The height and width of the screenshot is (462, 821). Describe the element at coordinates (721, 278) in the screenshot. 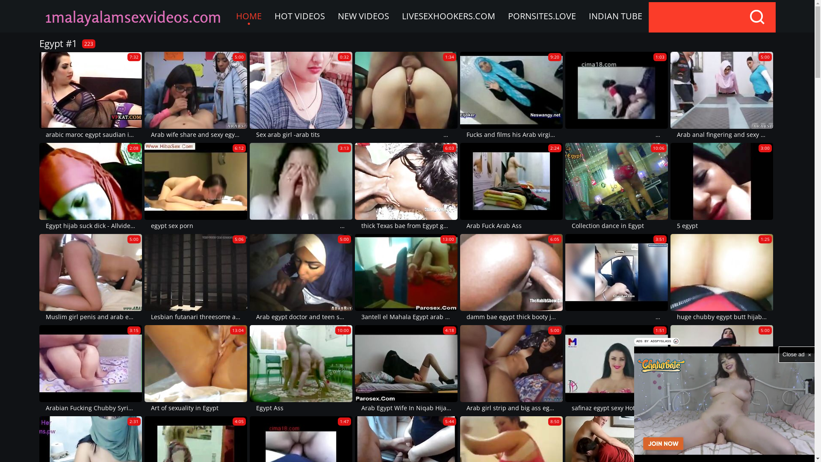

I see `'1:25` at that location.